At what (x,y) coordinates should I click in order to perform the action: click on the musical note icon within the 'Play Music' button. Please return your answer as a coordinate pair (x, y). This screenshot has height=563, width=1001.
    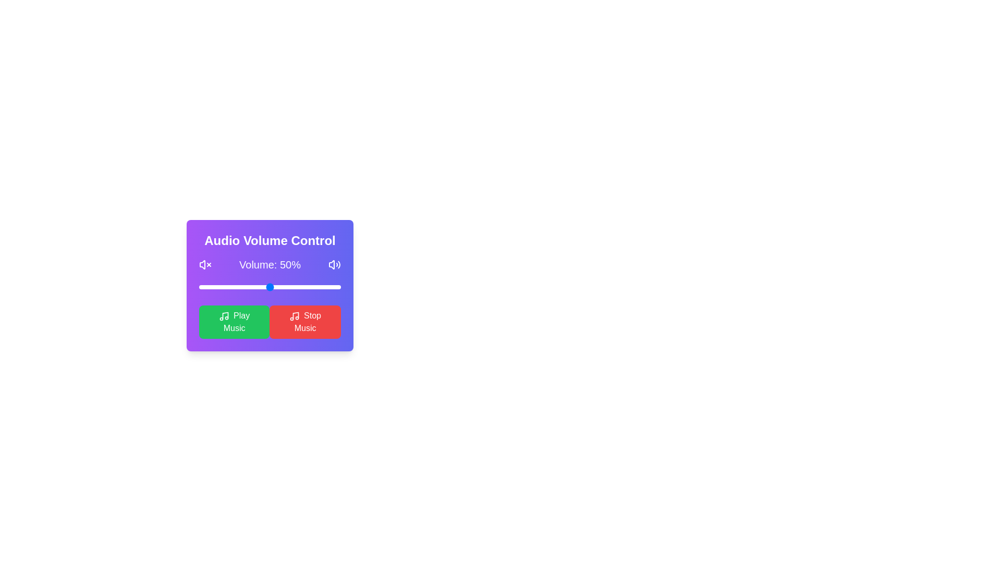
    Looking at the image, I should click on (224, 315).